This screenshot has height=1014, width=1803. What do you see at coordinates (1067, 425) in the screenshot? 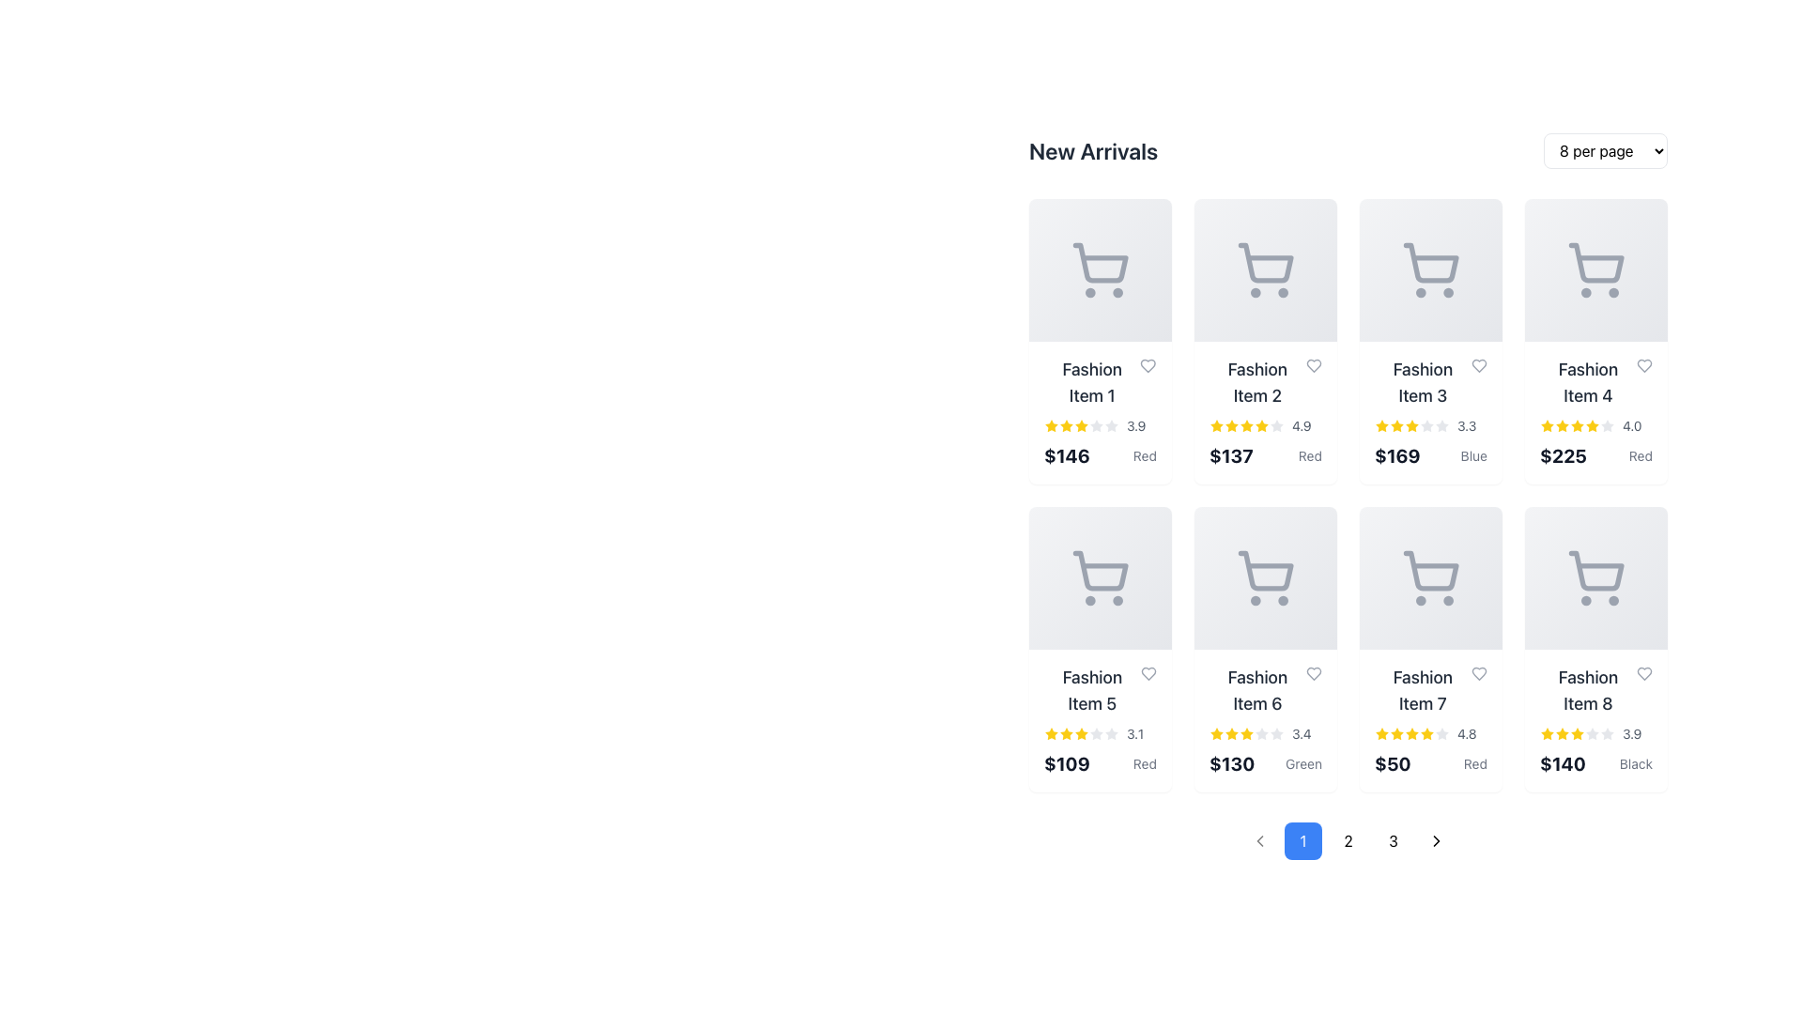
I see `the 1-star rating icon for 'Fashion Item 1'` at bounding box center [1067, 425].